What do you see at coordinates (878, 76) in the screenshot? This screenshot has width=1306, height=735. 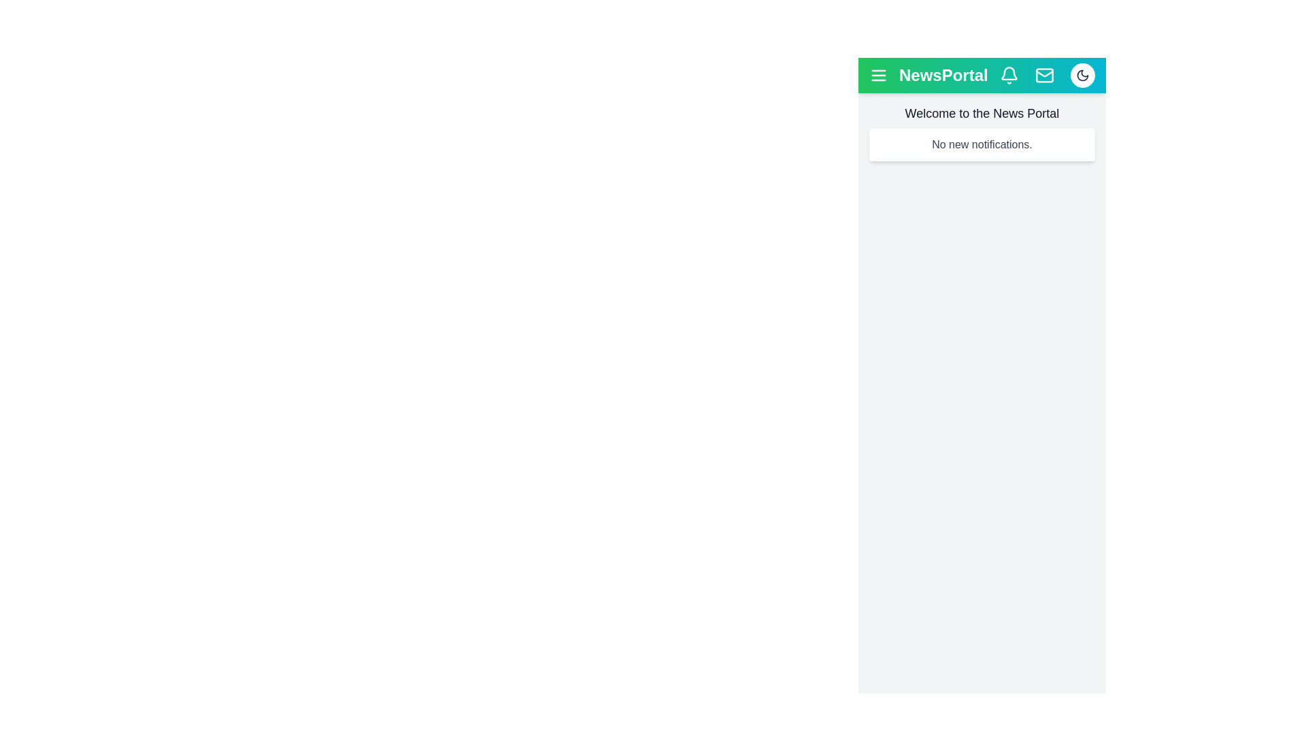 I see `the menu icon to toggle the navigation menu` at bounding box center [878, 76].